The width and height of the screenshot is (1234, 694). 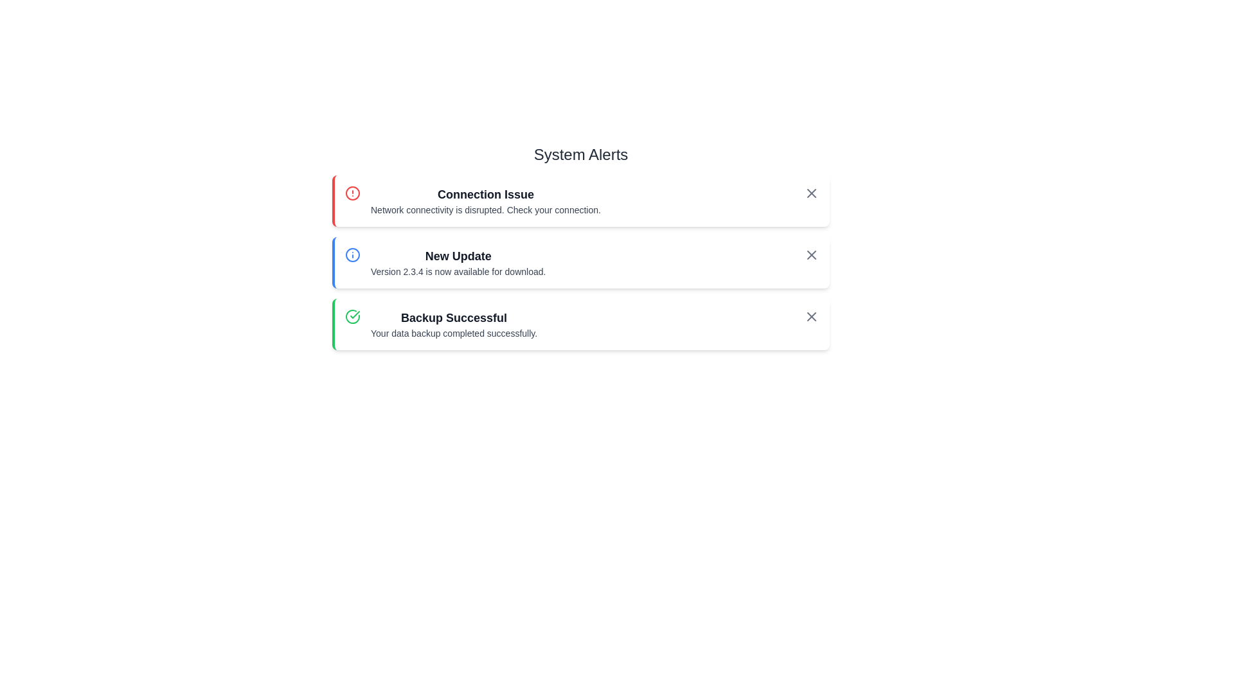 What do you see at coordinates (810, 193) in the screenshot?
I see `the close button styled as an 'X' icon in the top-right corner of the 'Connection Issue' alert box` at bounding box center [810, 193].